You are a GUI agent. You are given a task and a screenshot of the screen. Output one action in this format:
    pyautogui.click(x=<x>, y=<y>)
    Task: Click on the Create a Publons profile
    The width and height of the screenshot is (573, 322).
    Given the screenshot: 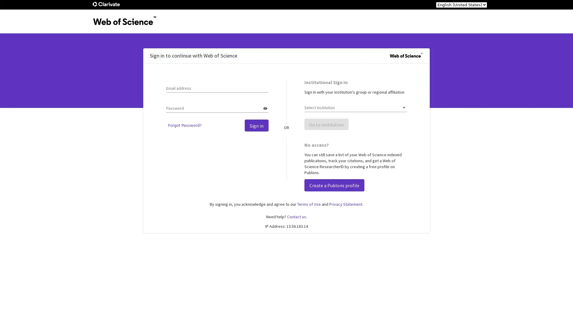 What is the action you would take?
    pyautogui.click(x=334, y=185)
    